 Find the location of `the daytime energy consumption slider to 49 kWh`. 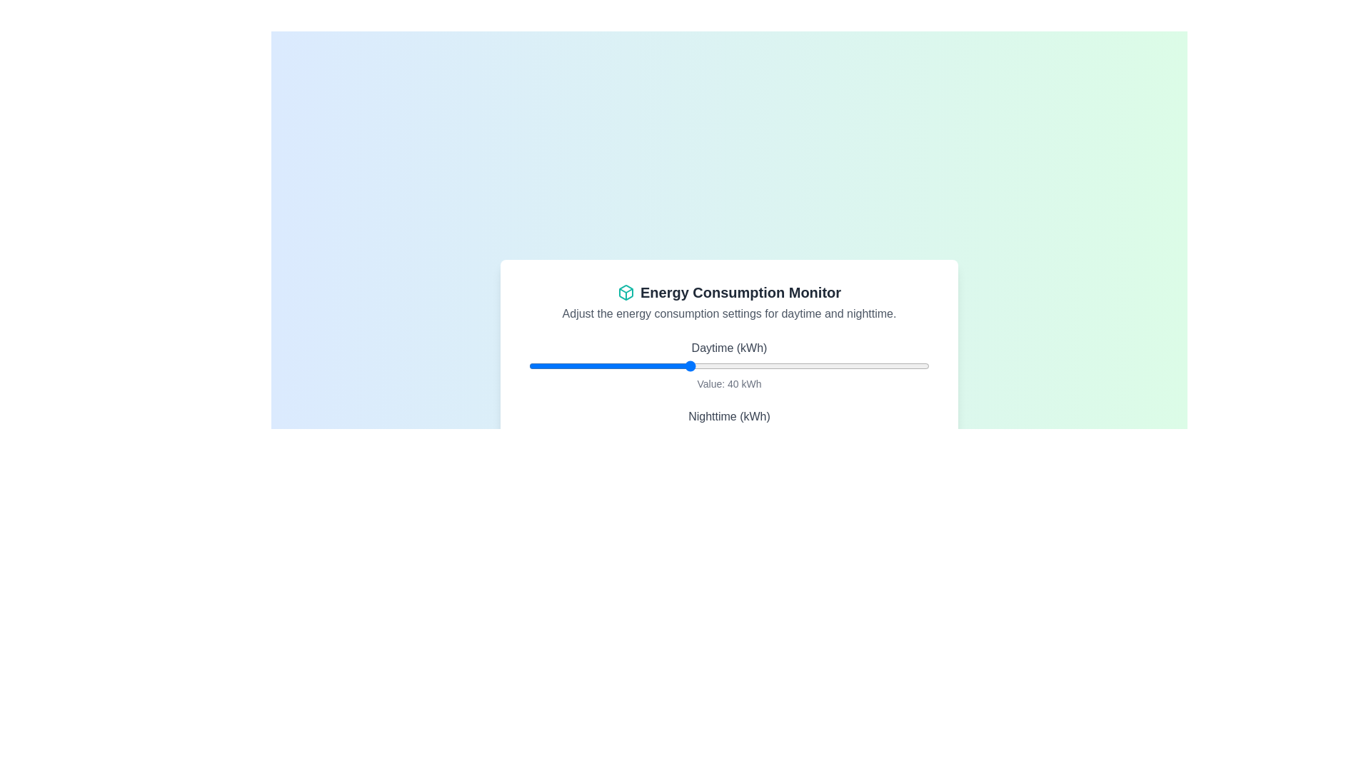

the daytime energy consumption slider to 49 kWh is located at coordinates (725, 366).